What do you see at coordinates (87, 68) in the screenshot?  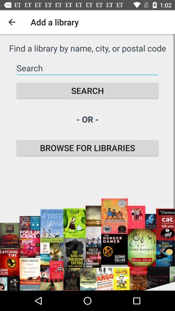 I see `search word` at bounding box center [87, 68].